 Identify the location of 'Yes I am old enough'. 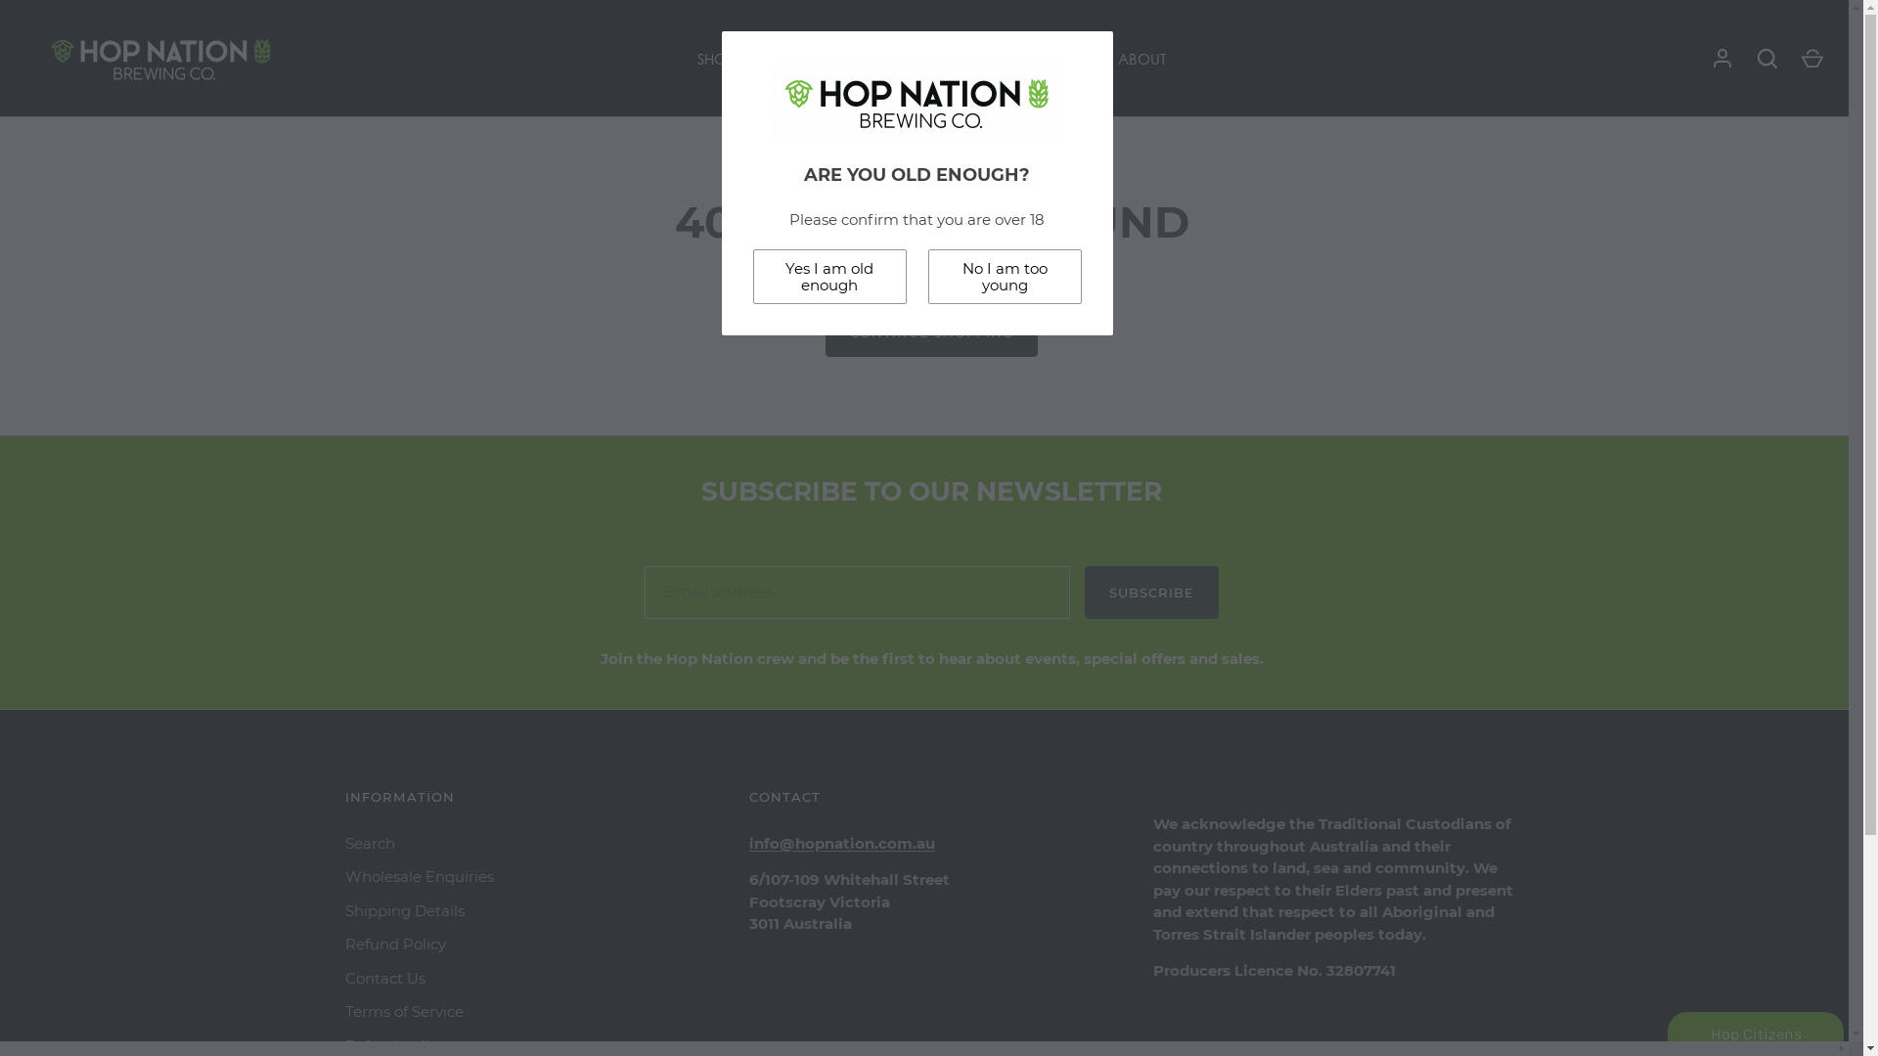
(829, 277).